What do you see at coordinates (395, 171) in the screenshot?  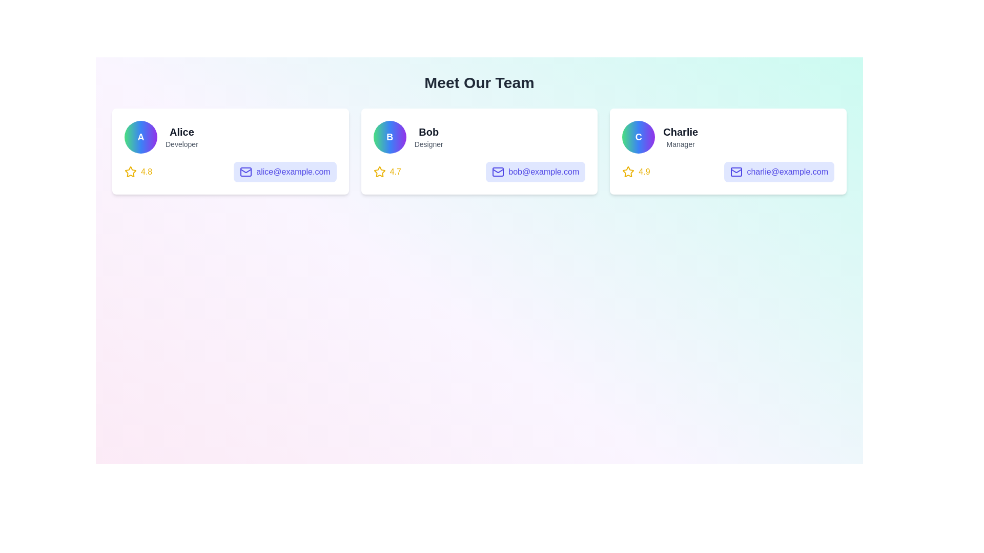 I see `the Rating indicator (textual numeric value) in the 'Bob' profile card, which displays the numeric rating score on a 5-point scale` at bounding box center [395, 171].